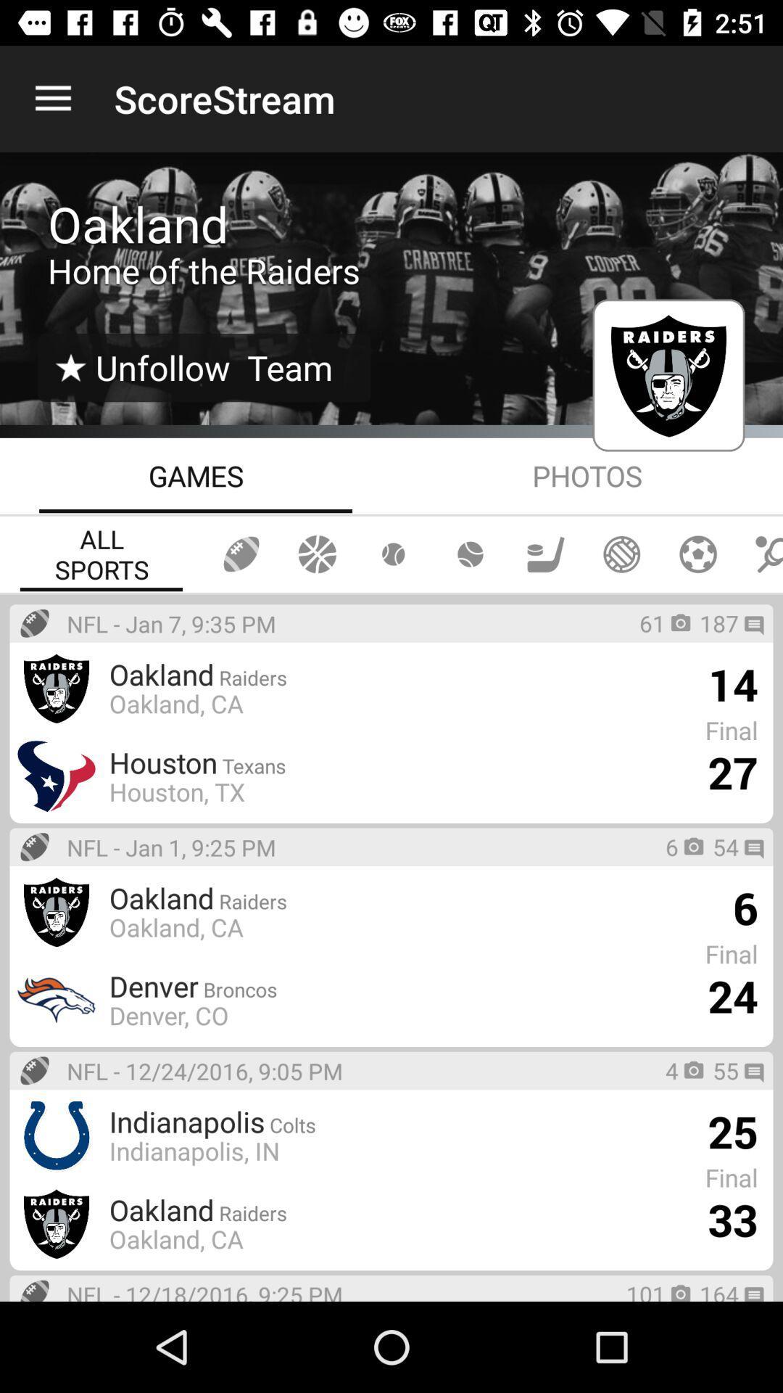 The height and width of the screenshot is (1393, 783). I want to click on denver, co icon, so click(168, 1014).